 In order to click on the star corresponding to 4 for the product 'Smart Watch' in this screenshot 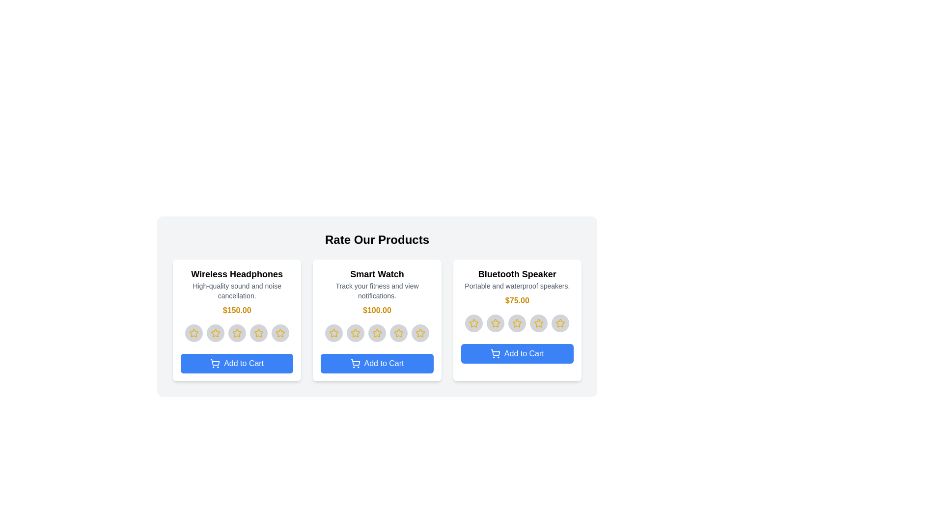, I will do `click(398, 332)`.